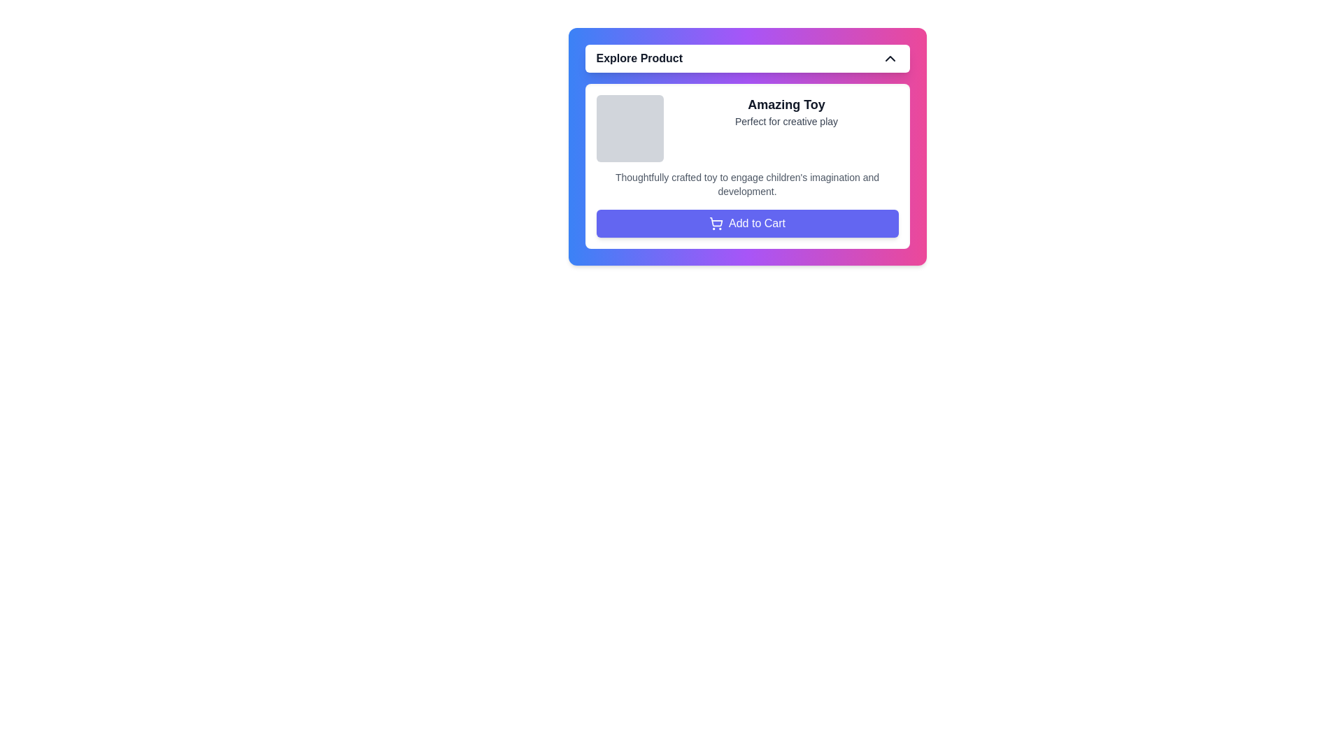 The height and width of the screenshot is (755, 1343). Describe the element at coordinates (716, 223) in the screenshot. I see `attributes of the 'Add to Cart' icon located inside the button at the bottom center of the product card` at that location.